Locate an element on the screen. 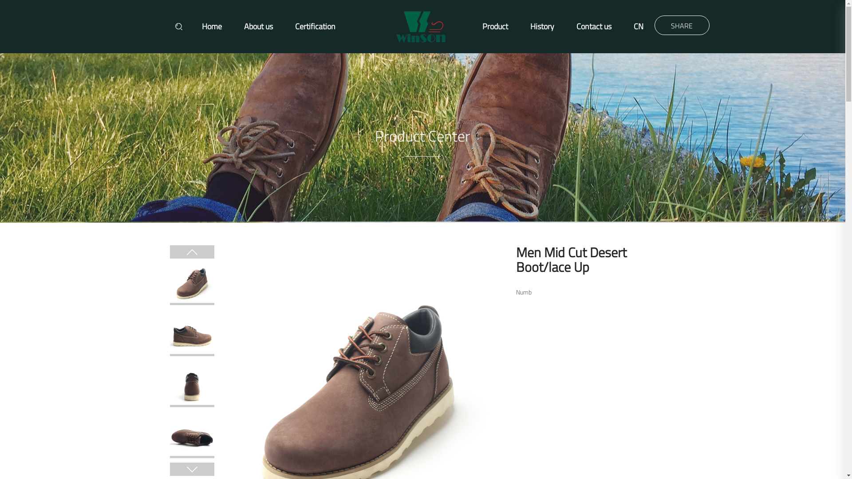 This screenshot has height=479, width=852. 'Product' is located at coordinates (470, 26).